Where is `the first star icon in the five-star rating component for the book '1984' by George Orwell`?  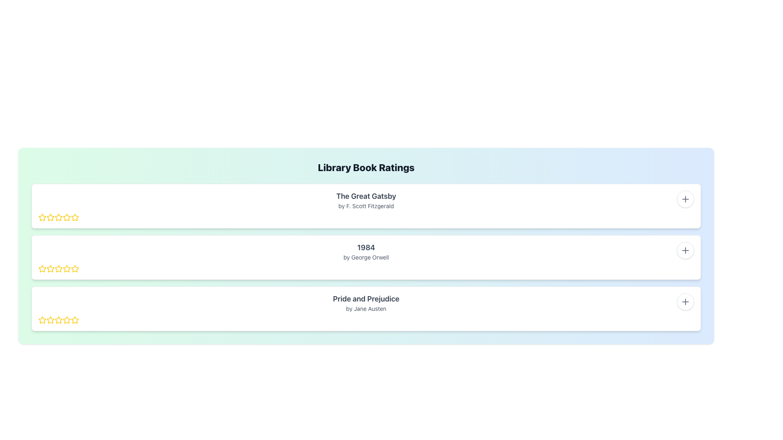
the first star icon in the five-star rating component for the book '1984' by George Orwell is located at coordinates (42, 268).